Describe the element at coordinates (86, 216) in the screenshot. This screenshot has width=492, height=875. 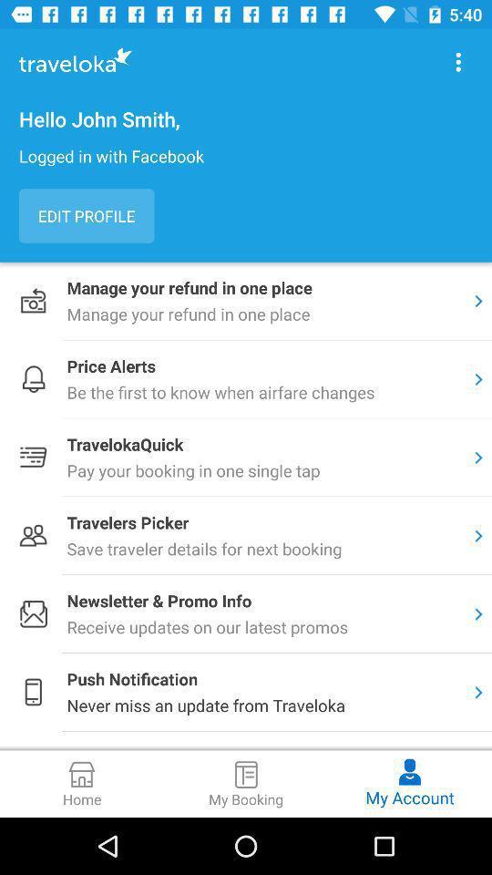
I see `the icon below the logged in with icon` at that location.